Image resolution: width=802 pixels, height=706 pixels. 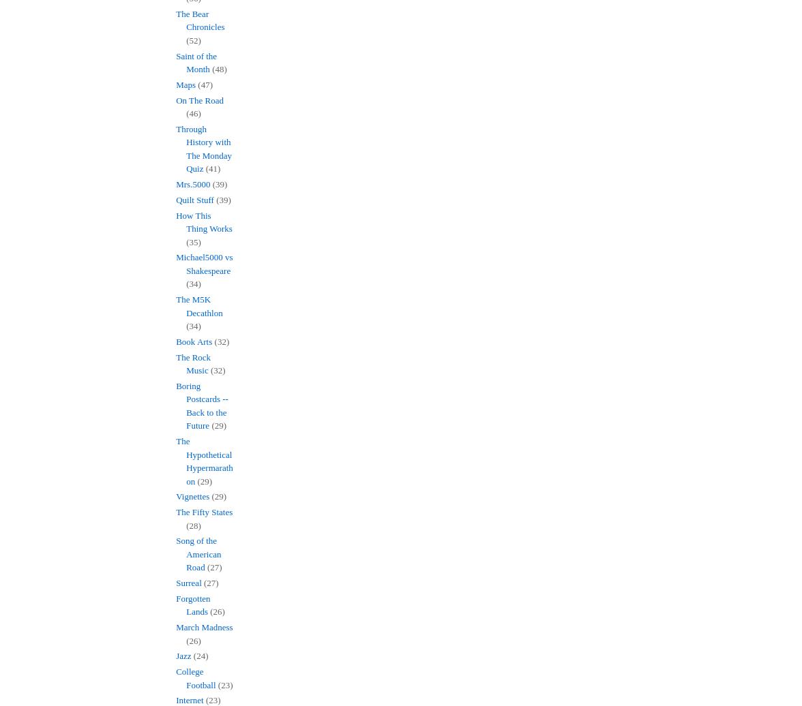 I want to click on '(28)', so click(x=193, y=525).